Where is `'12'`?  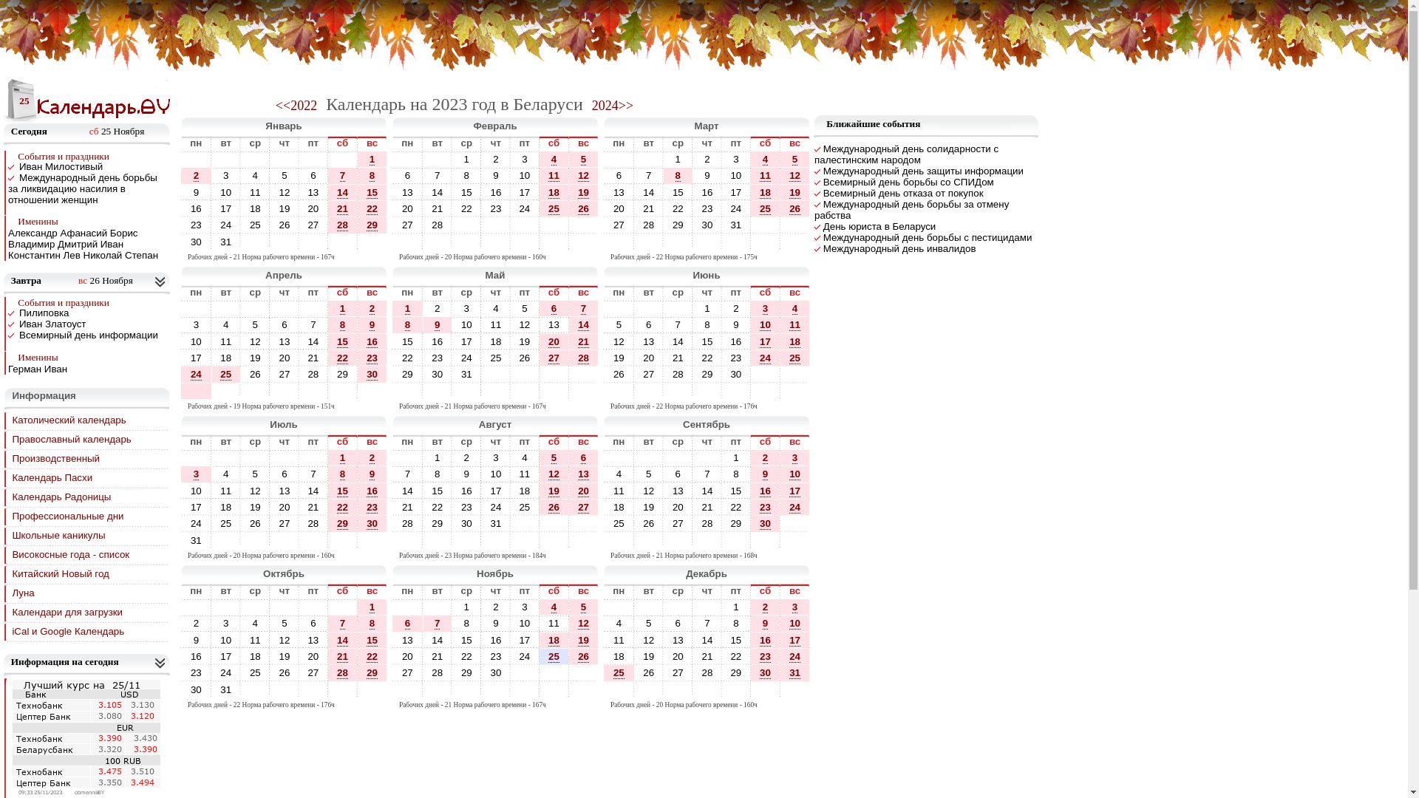
'12' is located at coordinates (582, 175).